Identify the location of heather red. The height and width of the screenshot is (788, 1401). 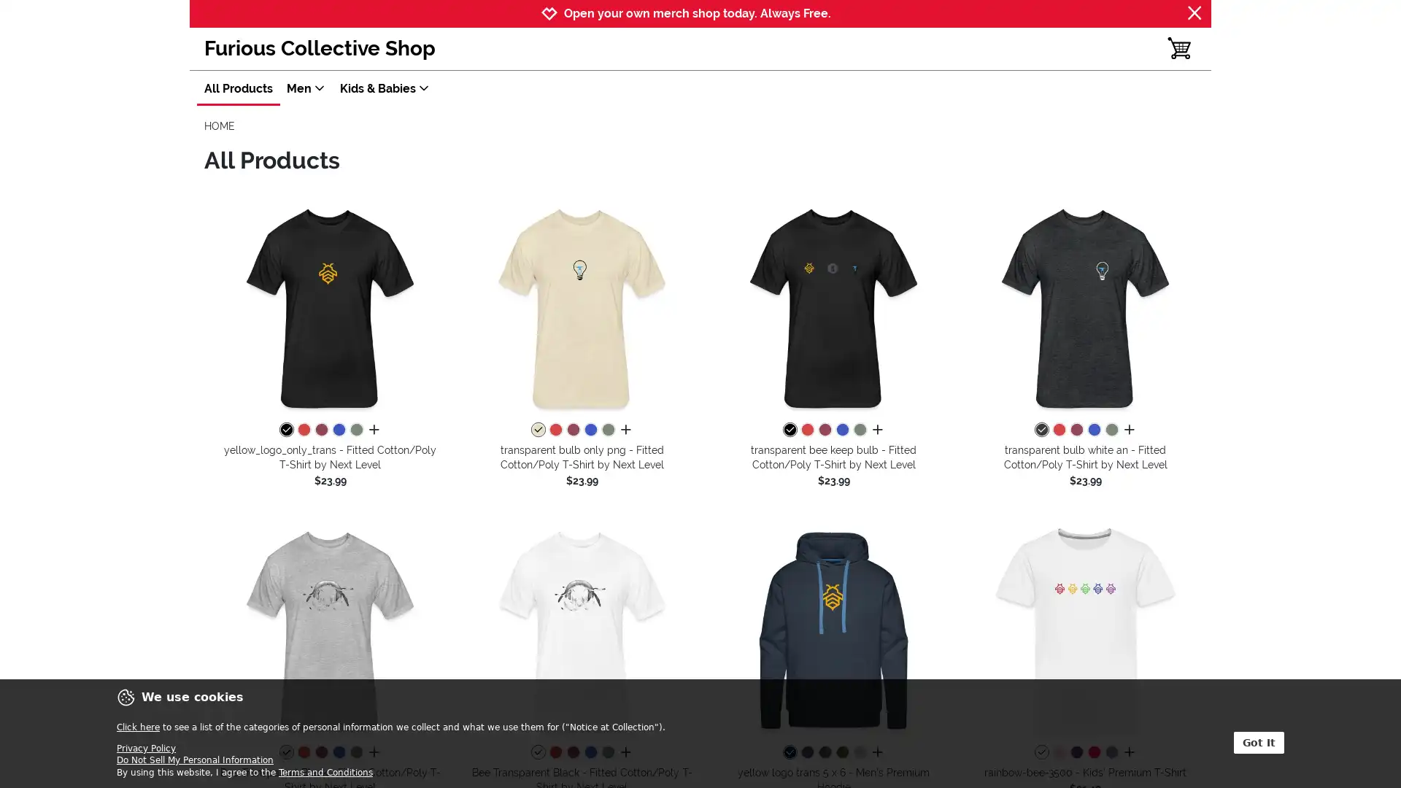
(555, 430).